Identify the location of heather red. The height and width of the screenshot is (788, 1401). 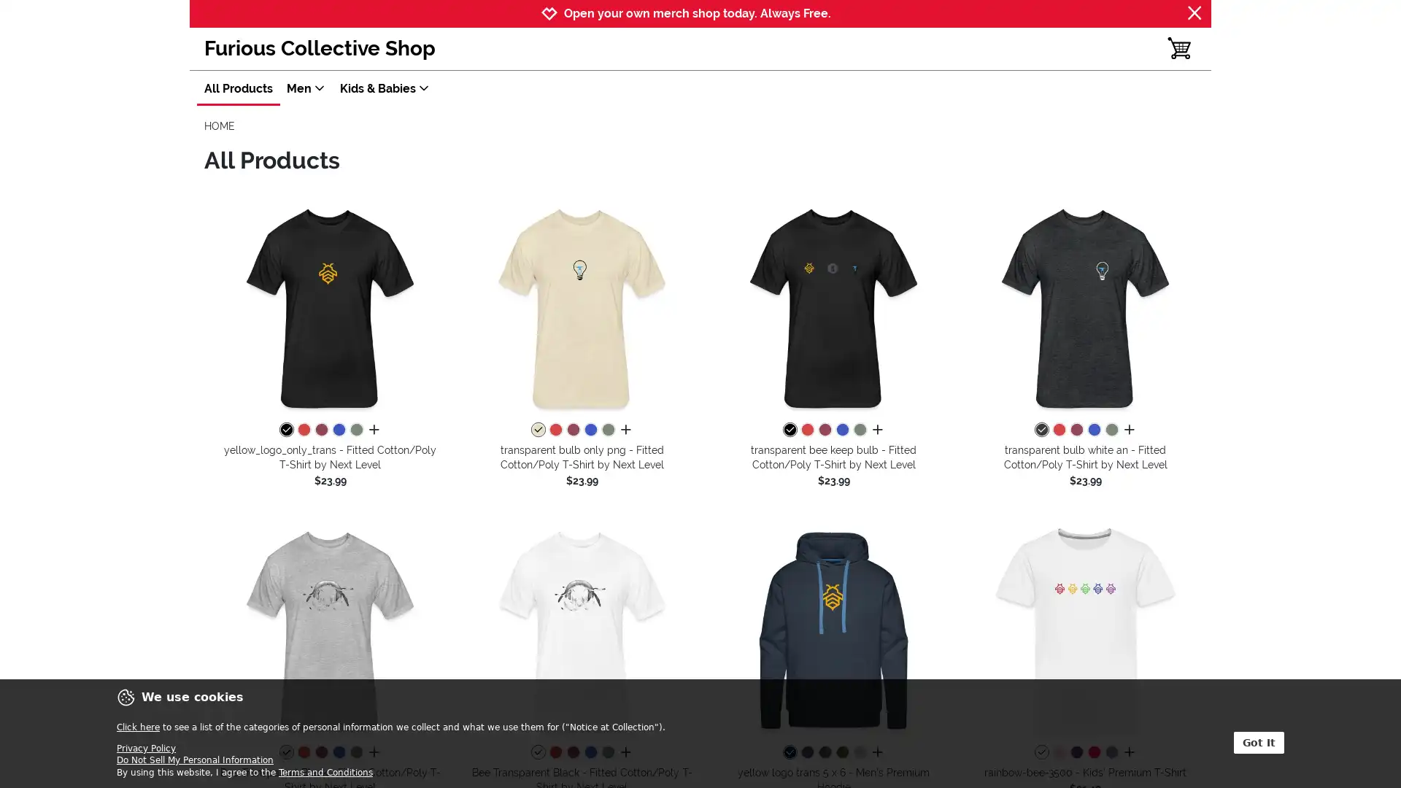
(555, 430).